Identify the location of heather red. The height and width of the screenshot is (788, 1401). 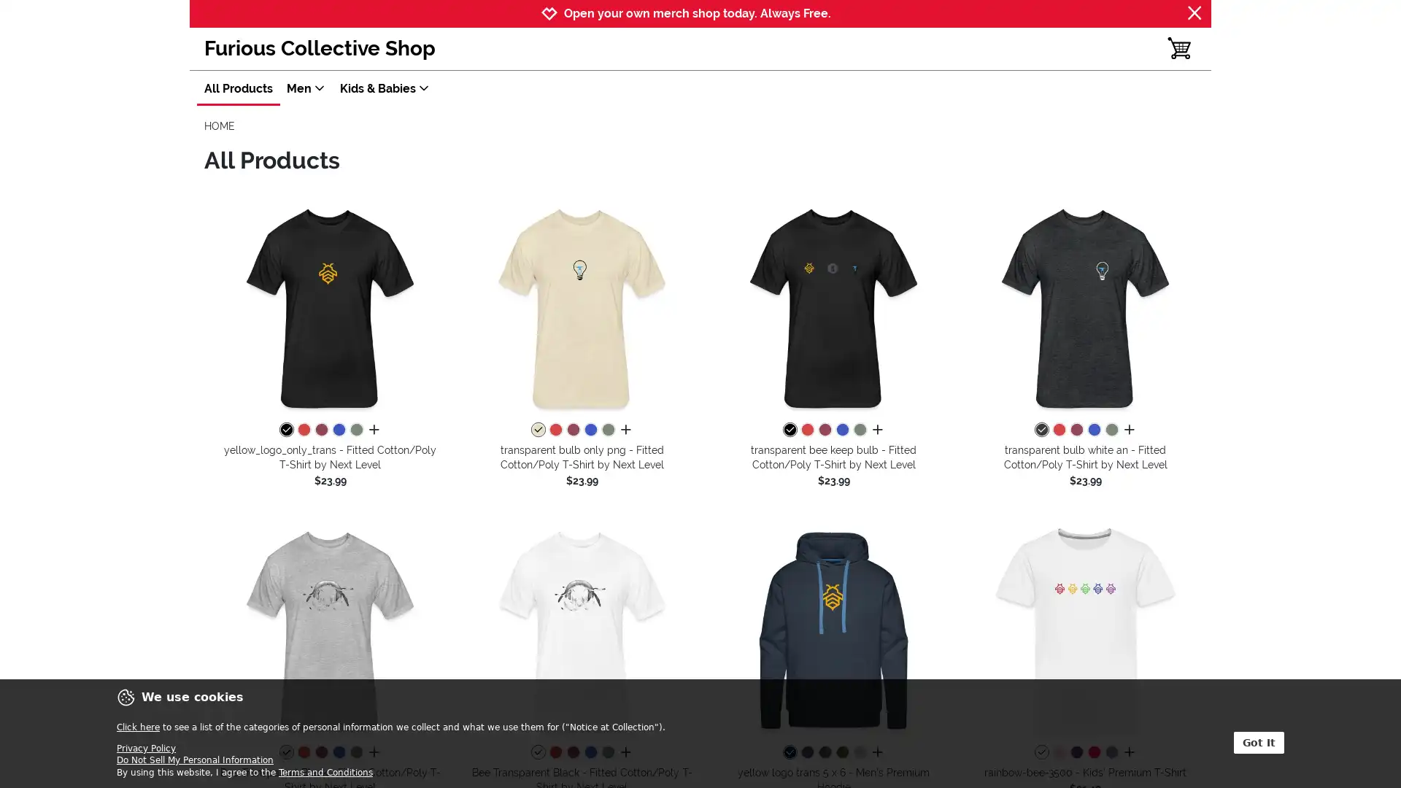
(555, 430).